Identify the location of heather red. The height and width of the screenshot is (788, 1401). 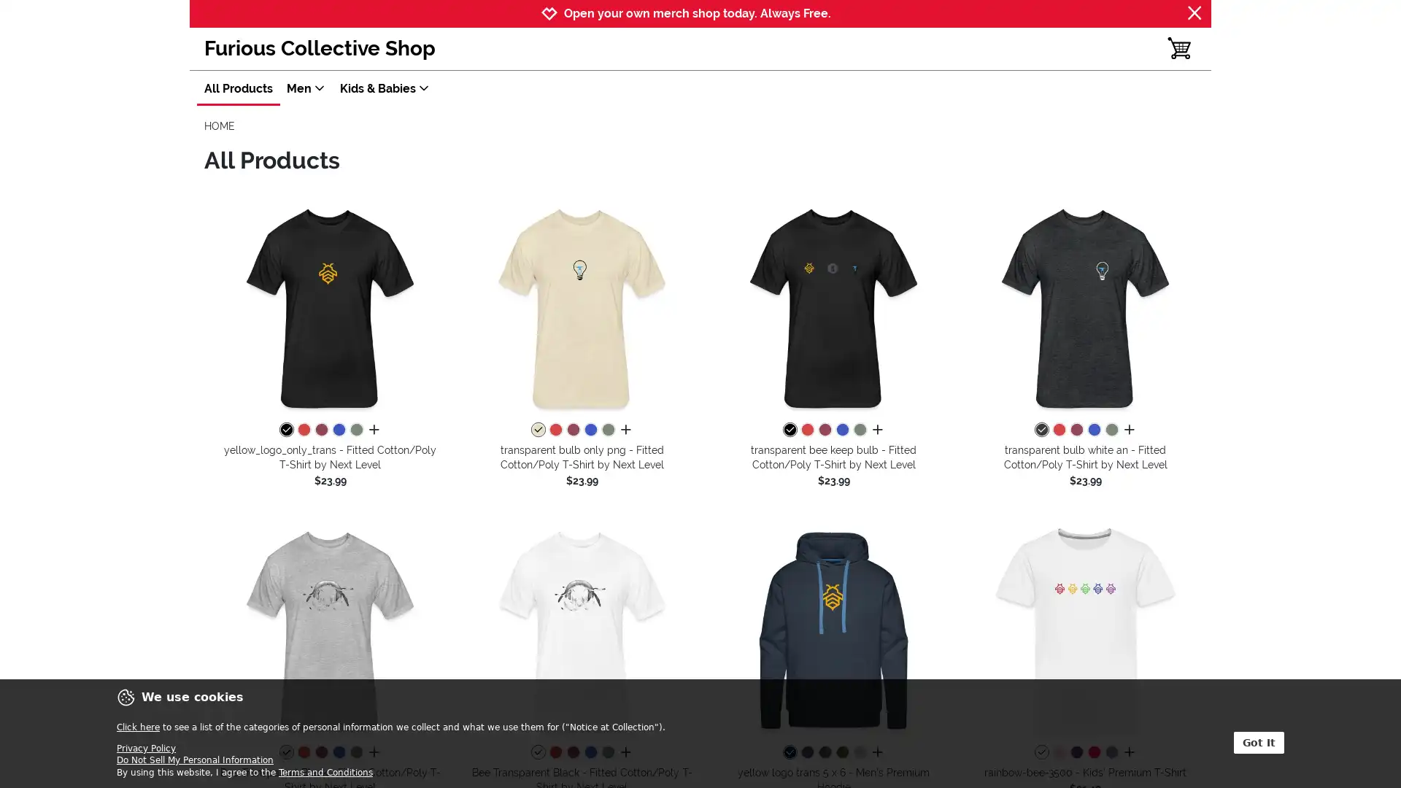
(555, 430).